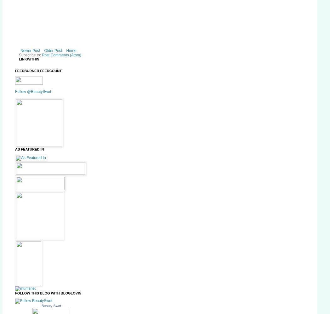 The width and height of the screenshot is (330, 314). Describe the element at coordinates (51, 305) in the screenshot. I see `'Beauty Swot'` at that location.